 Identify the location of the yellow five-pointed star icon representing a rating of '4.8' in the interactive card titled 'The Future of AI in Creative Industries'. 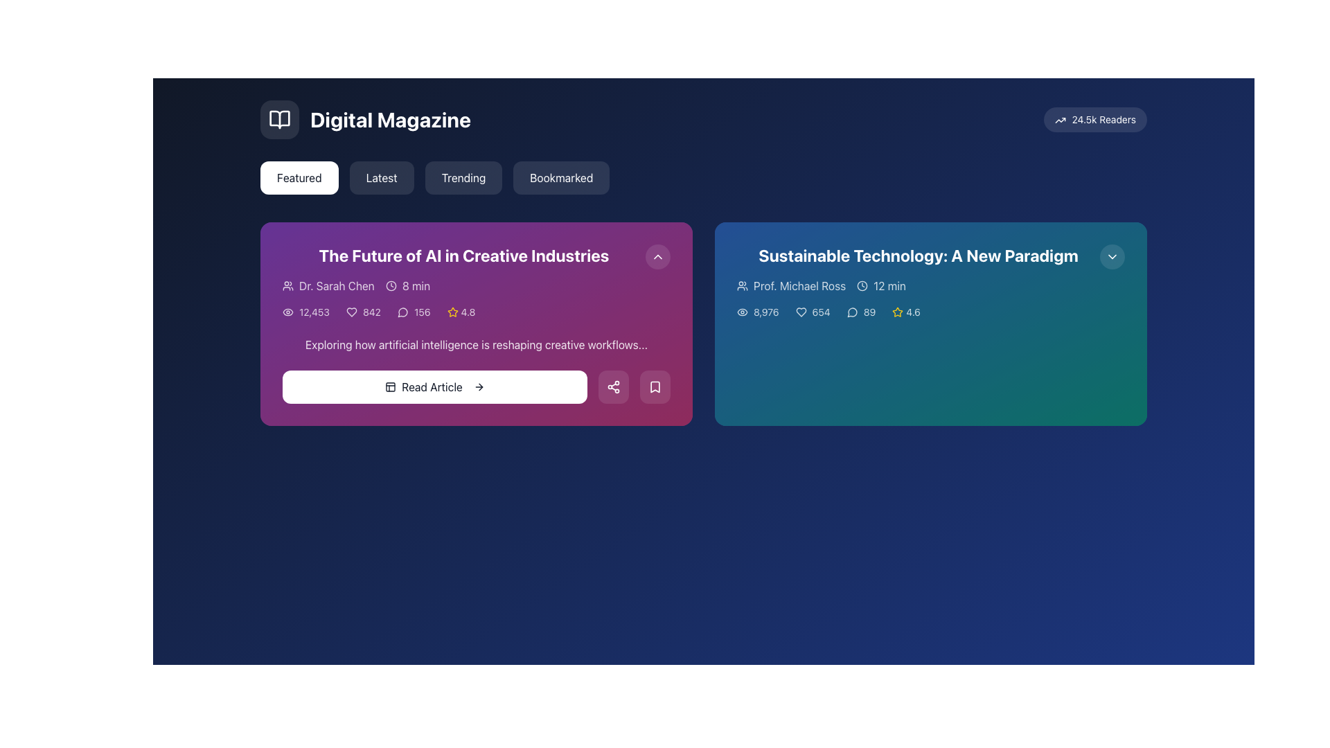
(452, 312).